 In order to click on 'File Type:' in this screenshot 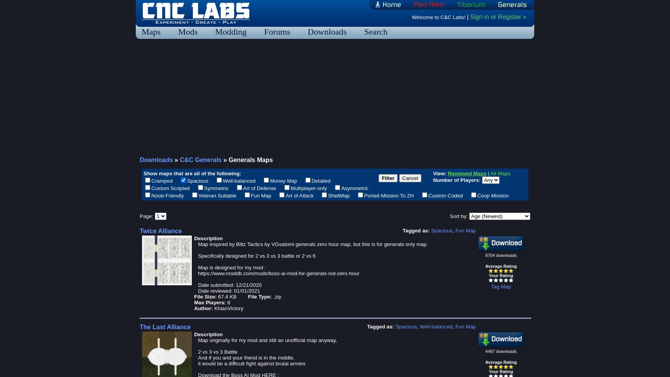, I will do `click(247, 296)`.